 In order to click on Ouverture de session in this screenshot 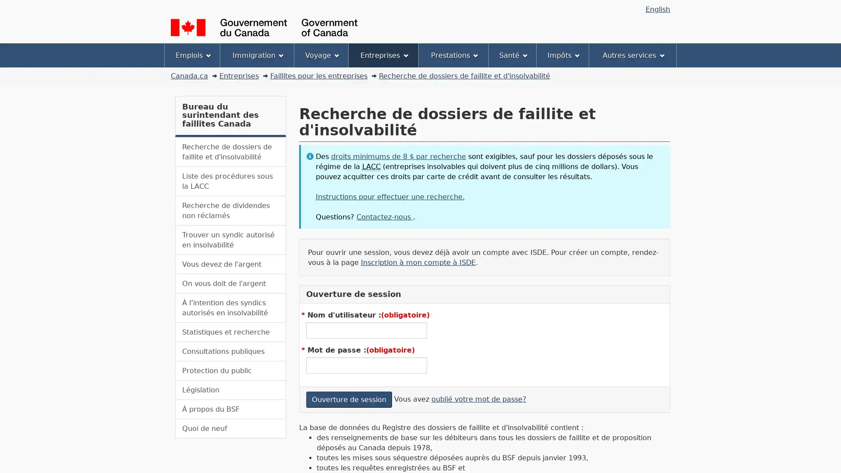, I will do `click(348, 399)`.